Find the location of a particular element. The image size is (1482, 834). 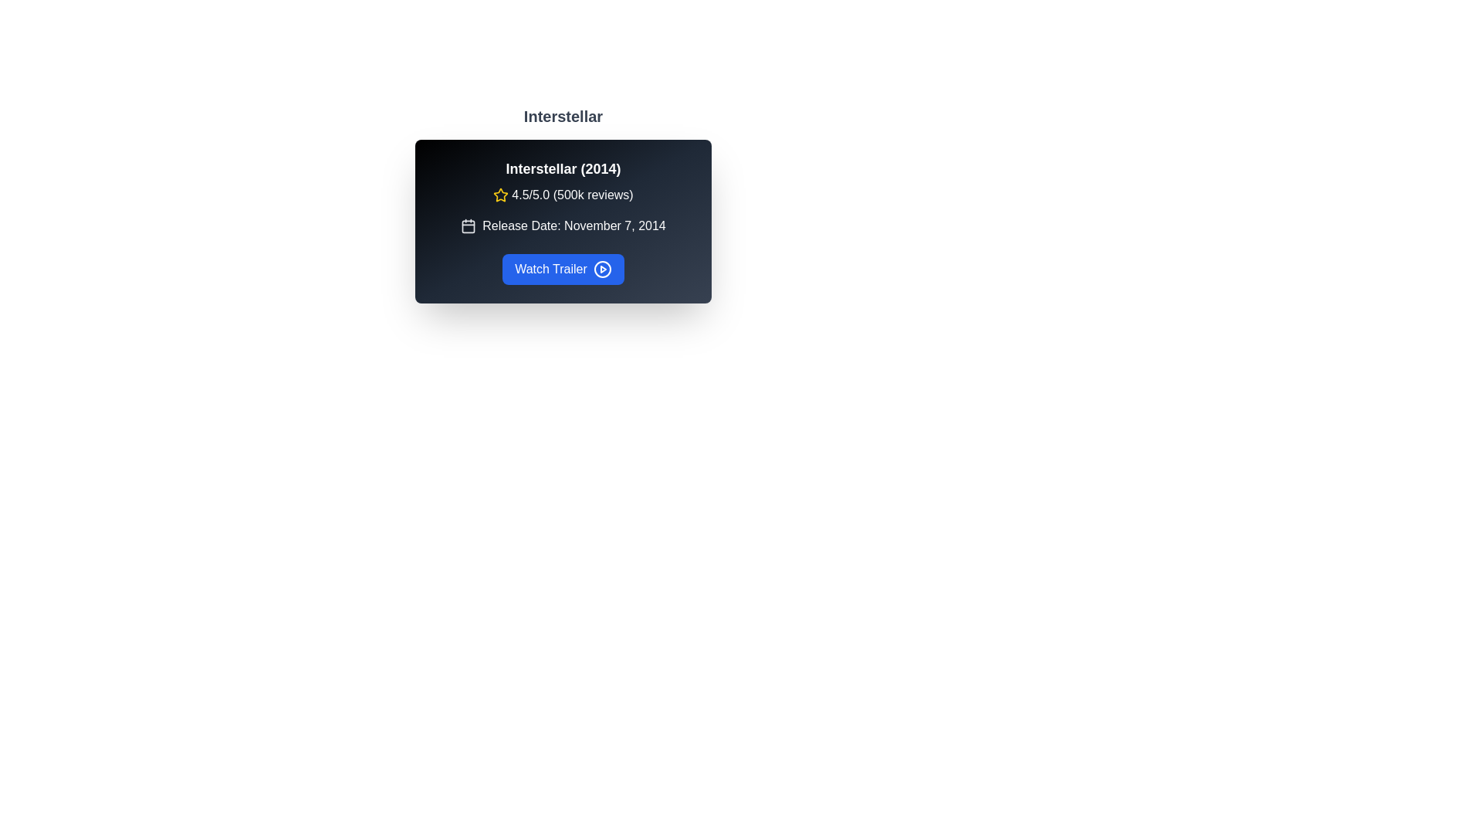

the text label 'Interstellar' which is styled in a bold font and positioned above the movie information card is located at coordinates (562, 115).